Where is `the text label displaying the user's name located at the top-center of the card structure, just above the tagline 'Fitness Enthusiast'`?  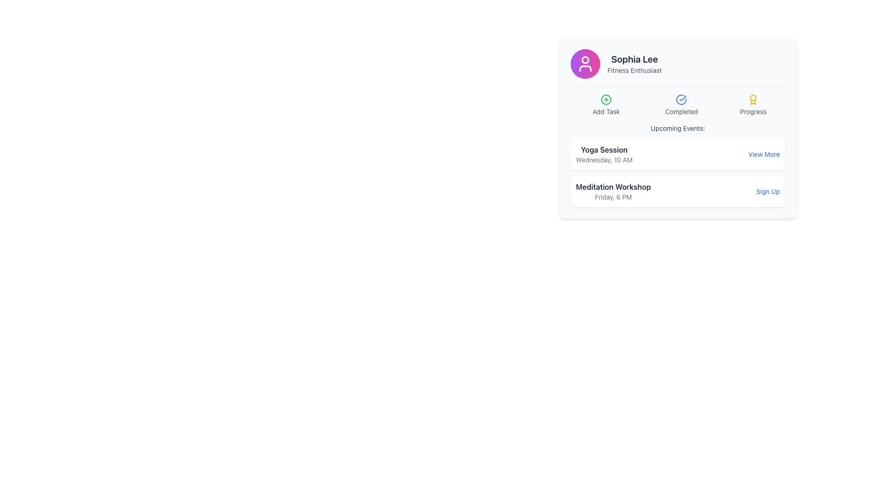
the text label displaying the user's name located at the top-center of the card structure, just above the tagline 'Fitness Enthusiast' is located at coordinates (634, 59).